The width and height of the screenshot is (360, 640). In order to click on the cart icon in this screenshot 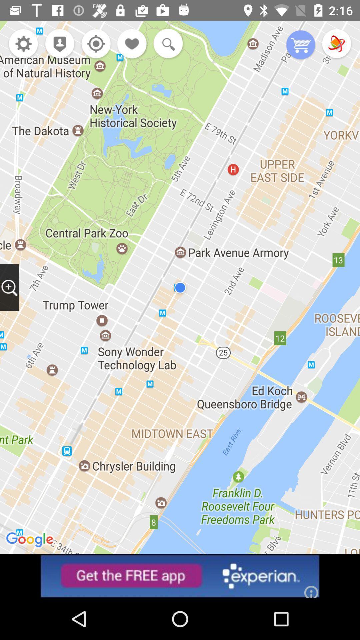, I will do `click(301, 45)`.